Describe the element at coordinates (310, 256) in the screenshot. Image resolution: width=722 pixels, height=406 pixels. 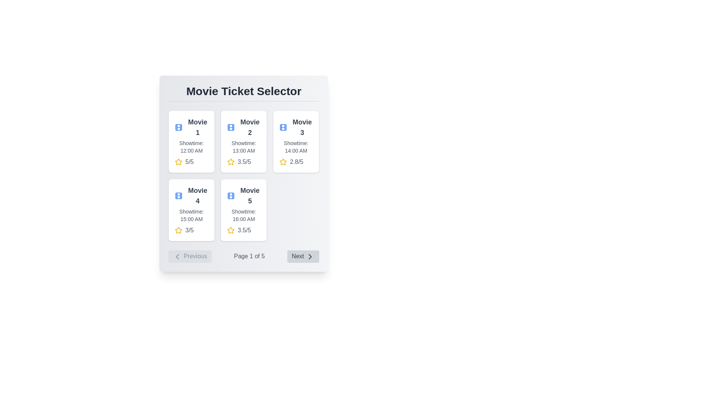
I see `the 'Next' button which contains the rightward-pointing chevron icon, located at the bottom-right corner of the interface` at that location.